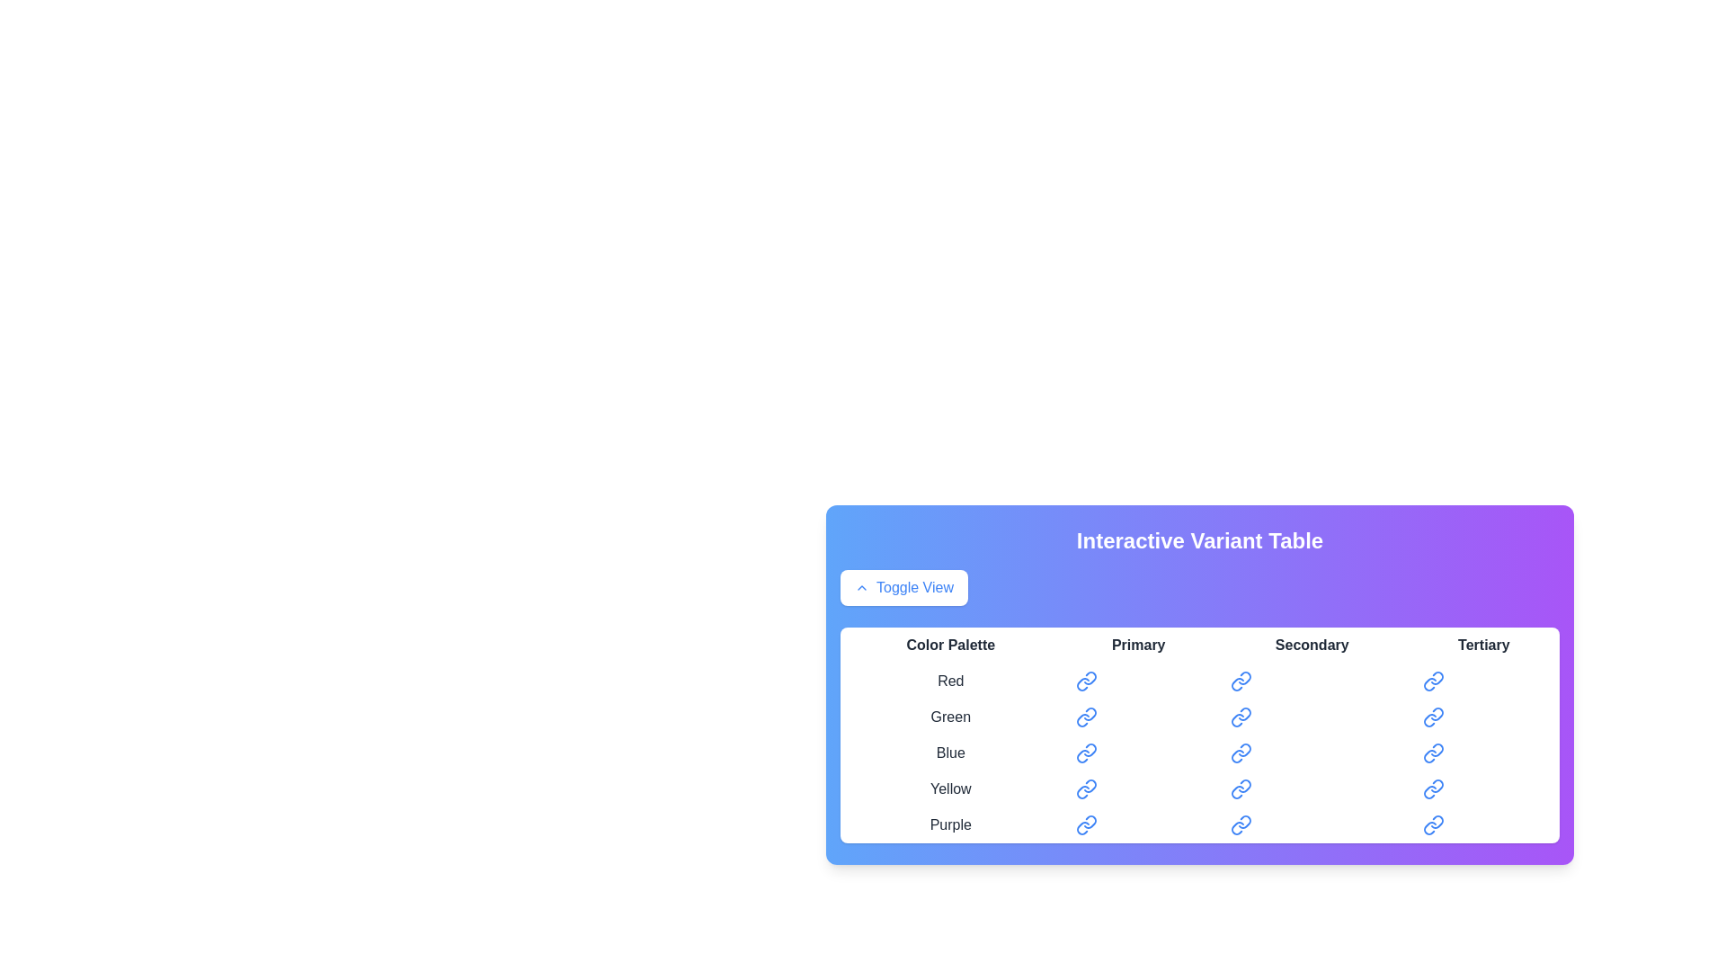  I want to click on the blue link icon located in the 'Tertiary' column of the 'Purple' row in the Interactive Variant Table, so click(1436, 822).